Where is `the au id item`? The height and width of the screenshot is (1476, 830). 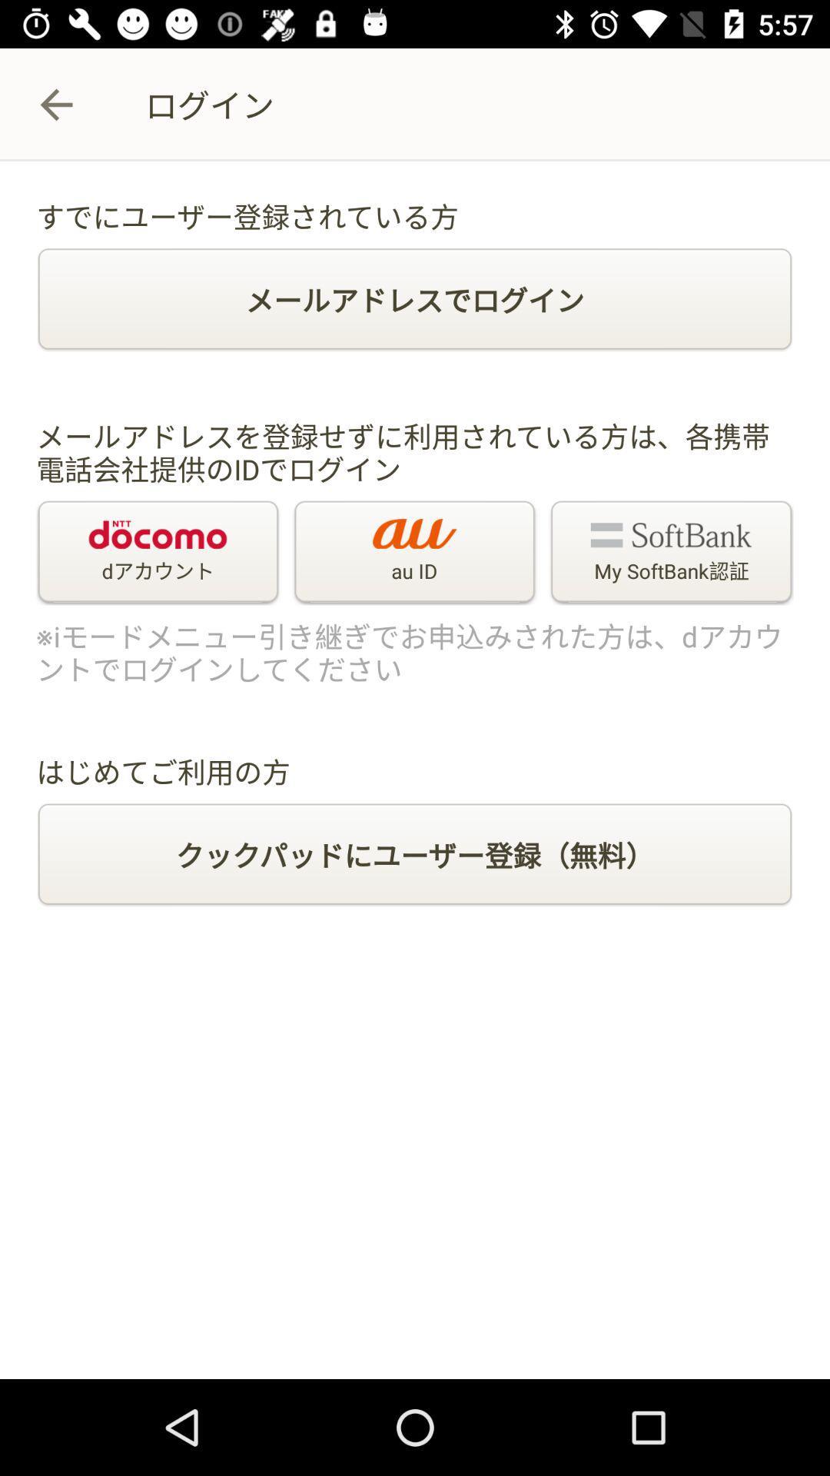 the au id item is located at coordinates (413, 553).